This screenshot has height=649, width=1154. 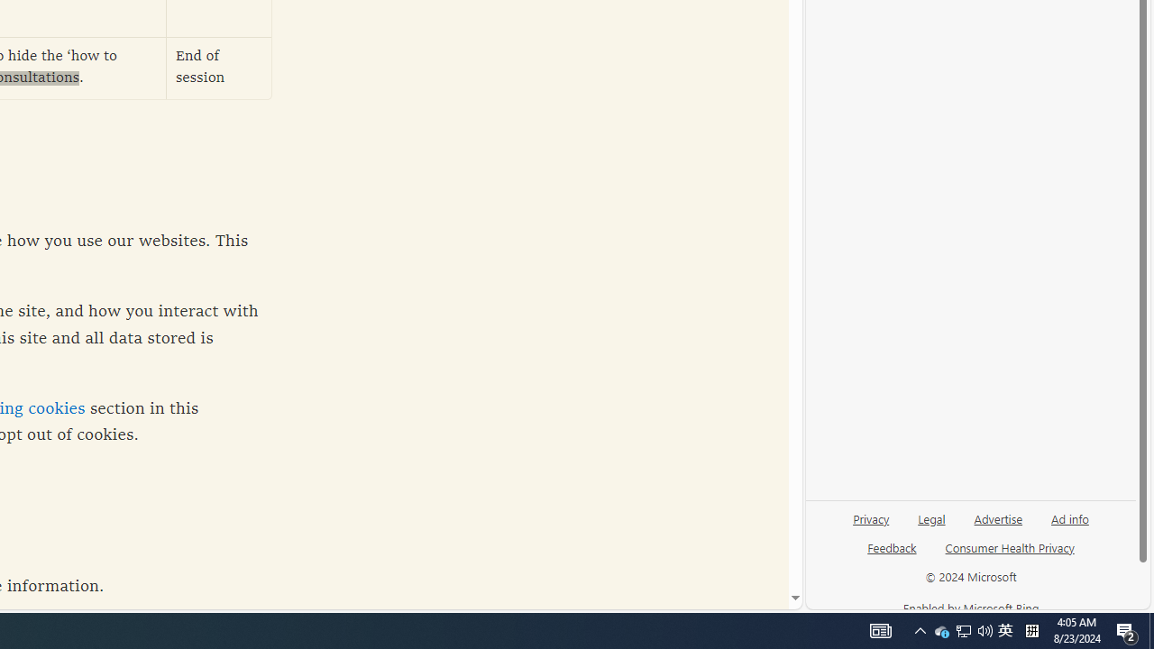 What do you see at coordinates (1010, 546) in the screenshot?
I see `'Consumer Health Privacy'` at bounding box center [1010, 546].